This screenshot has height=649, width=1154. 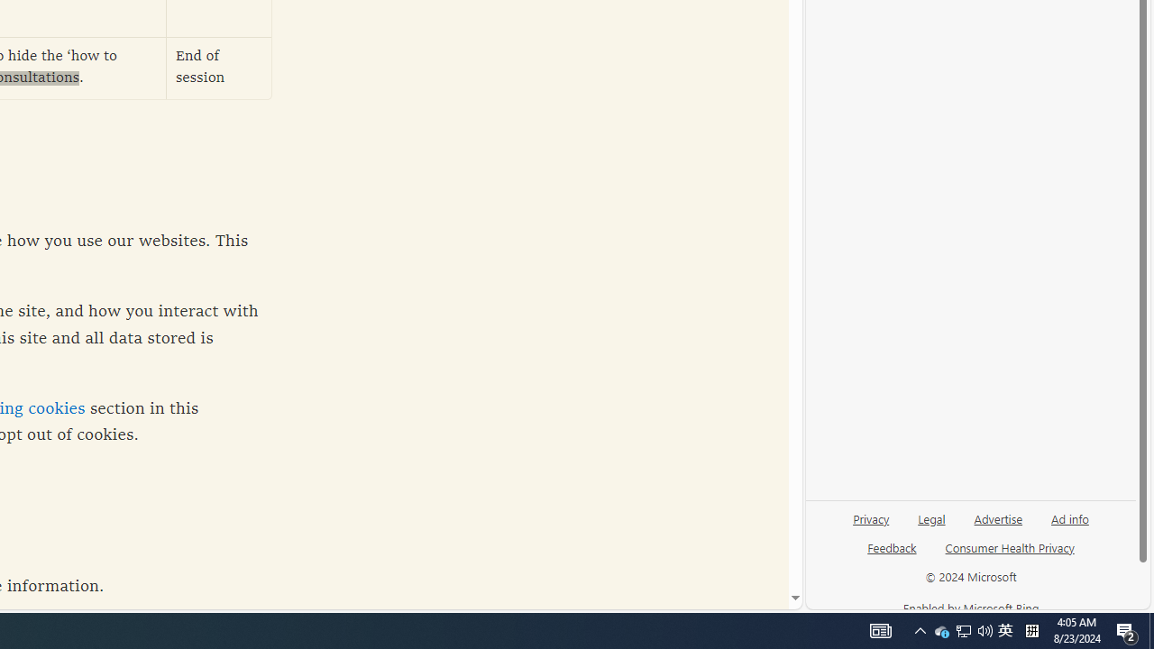 What do you see at coordinates (1010, 546) in the screenshot?
I see `'Consumer Health Privacy'` at bounding box center [1010, 546].